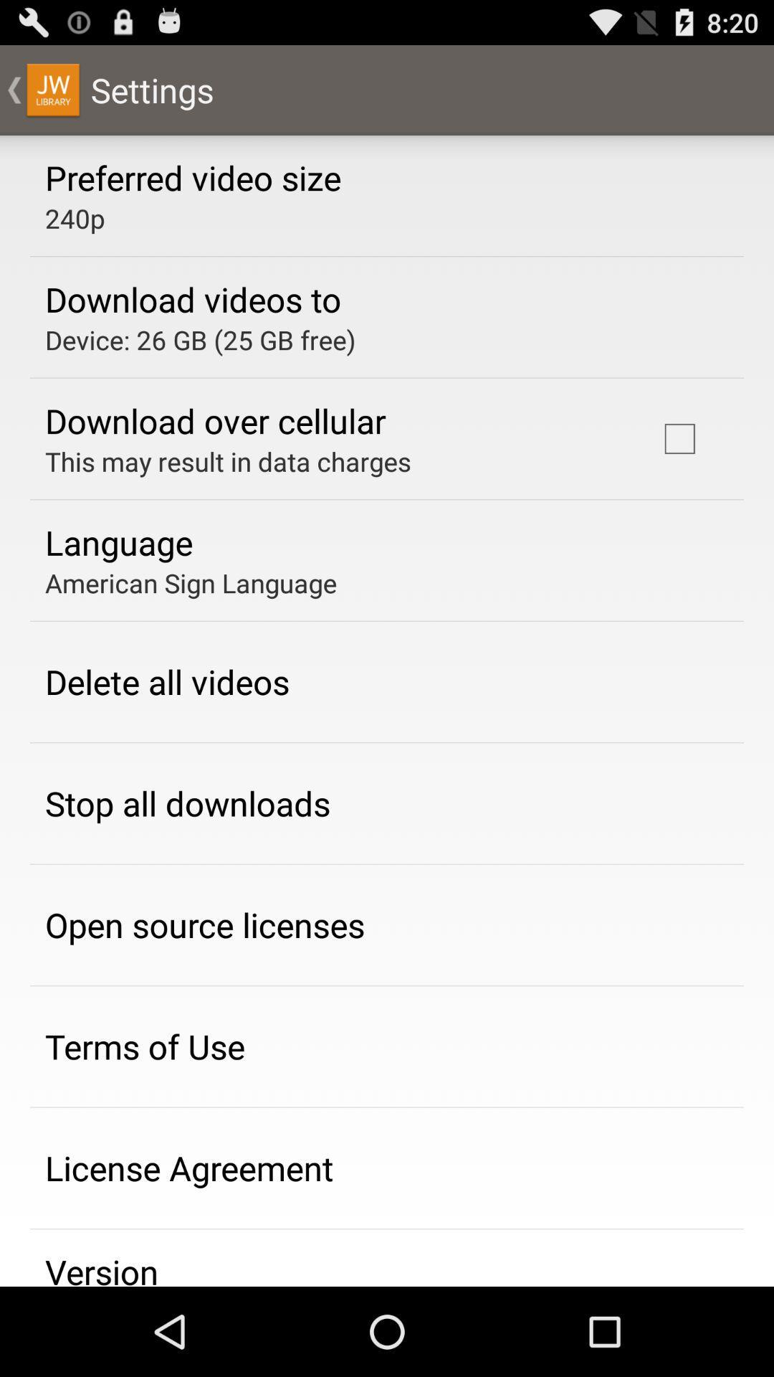  I want to click on the icon above the version app, so click(188, 1168).